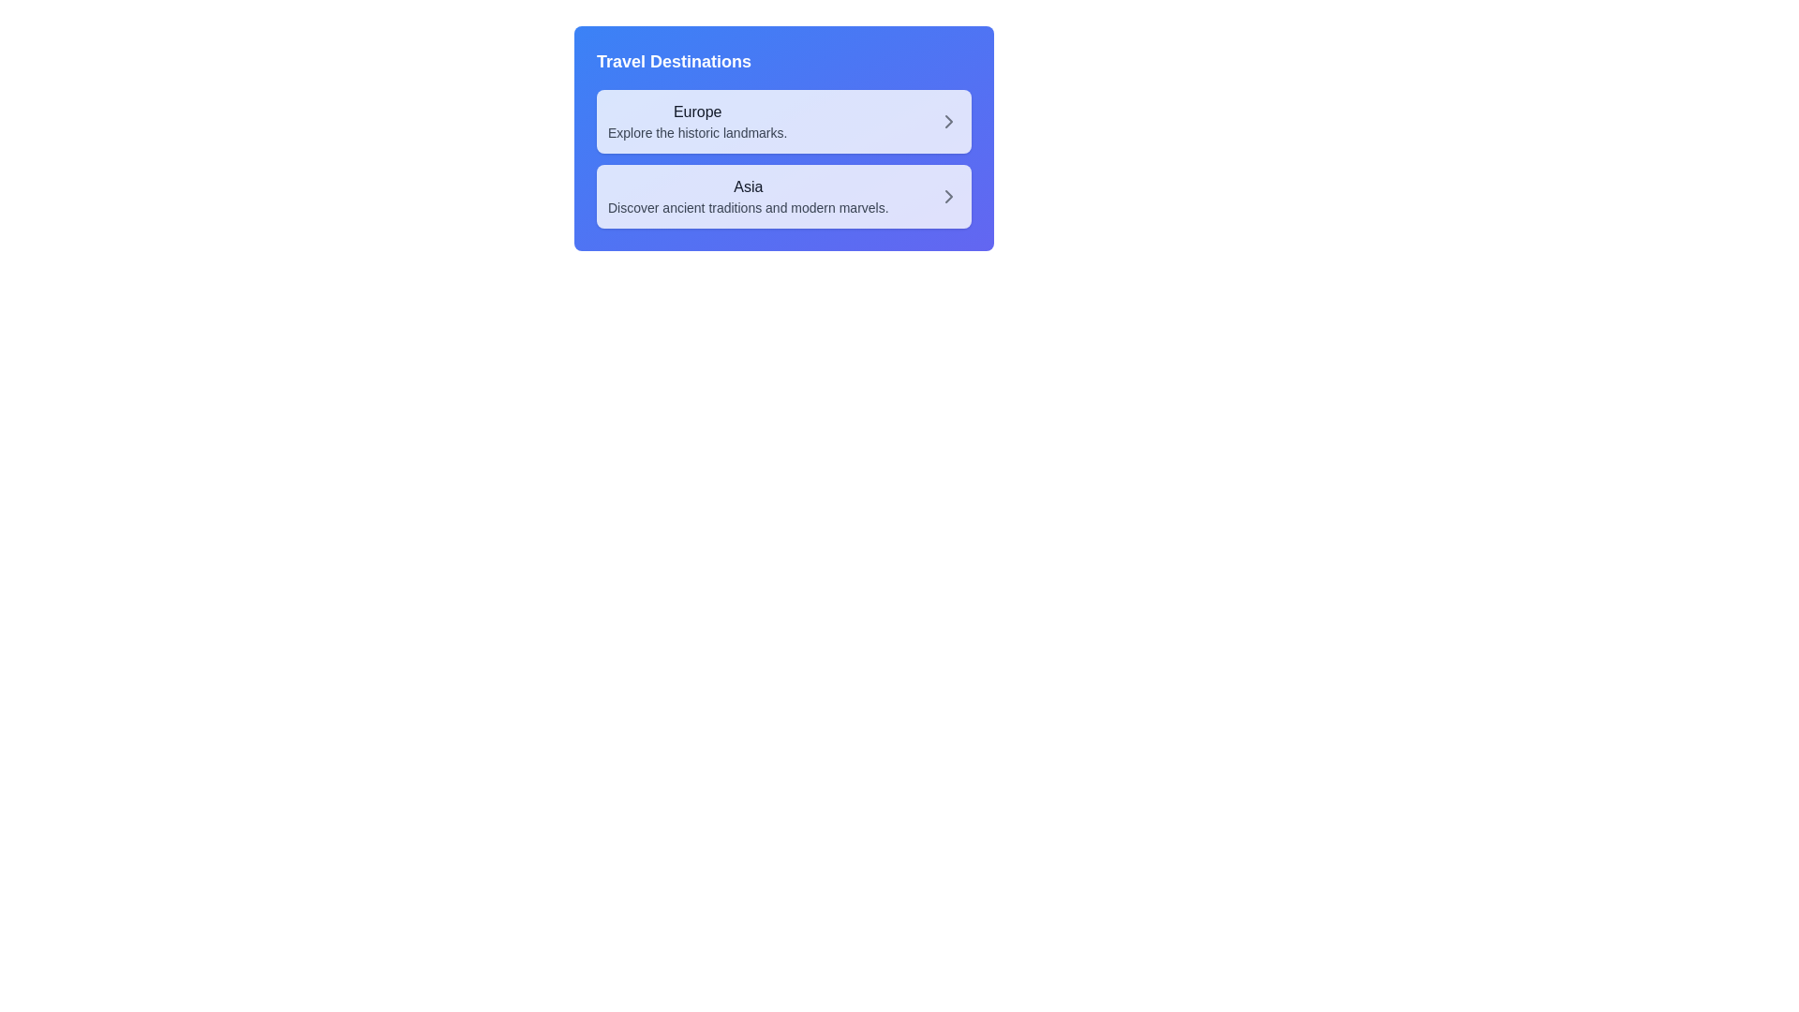  Describe the element at coordinates (696, 112) in the screenshot. I see `the text label that serves as the title for the destination card, which displays 'Europe' and is located at the top-left corner of the card in a vertically stacked list of destinations` at that location.